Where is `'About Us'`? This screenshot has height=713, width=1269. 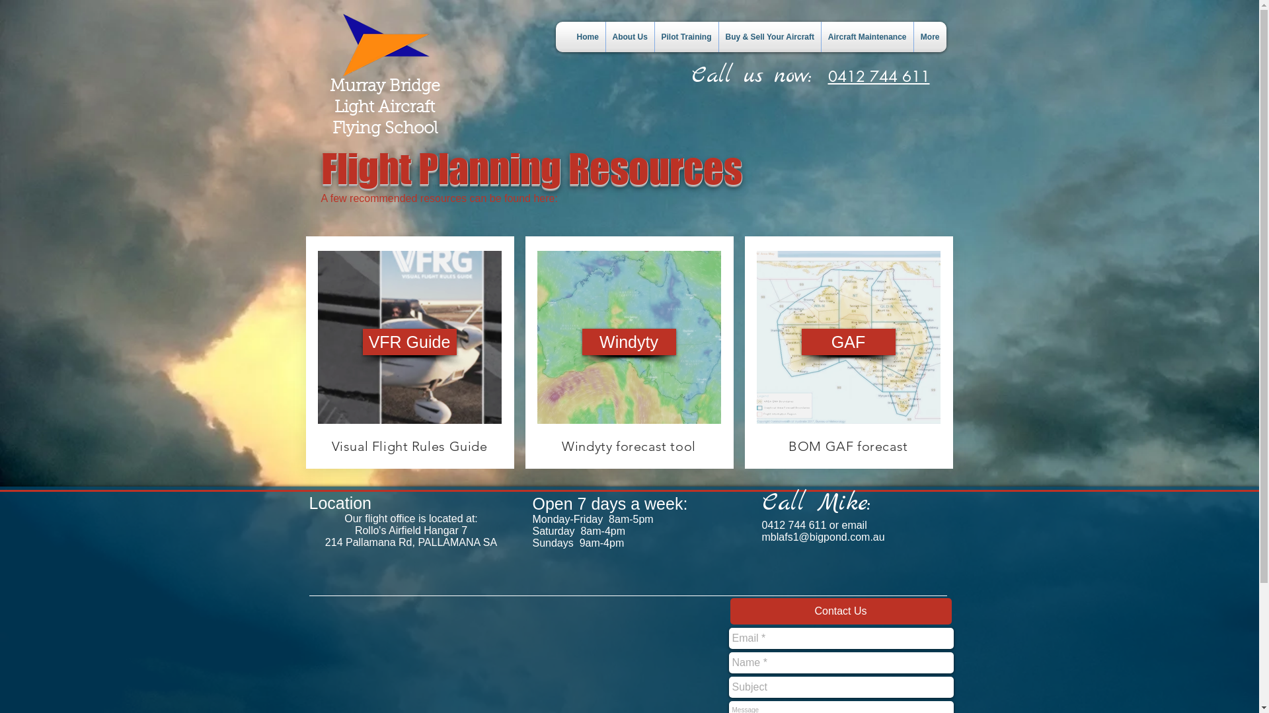 'About Us' is located at coordinates (629, 36).